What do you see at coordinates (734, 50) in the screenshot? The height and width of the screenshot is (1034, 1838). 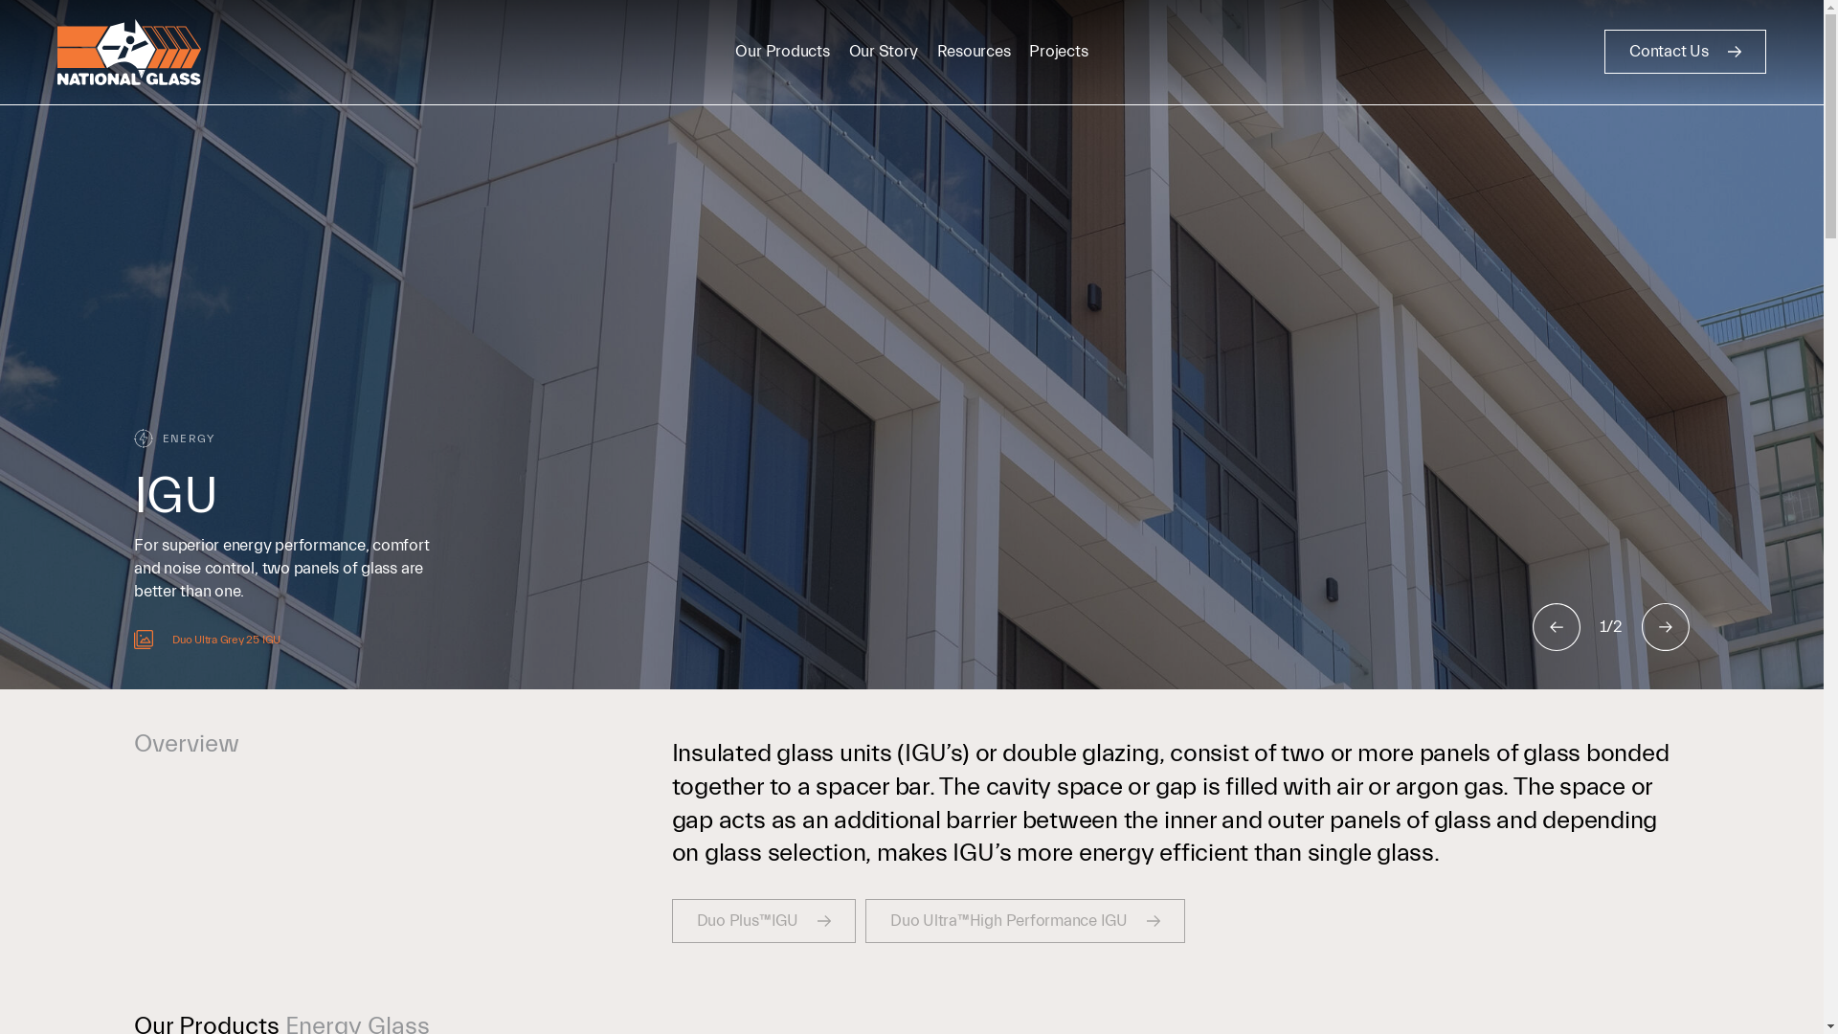 I see `'Our Products'` at bounding box center [734, 50].